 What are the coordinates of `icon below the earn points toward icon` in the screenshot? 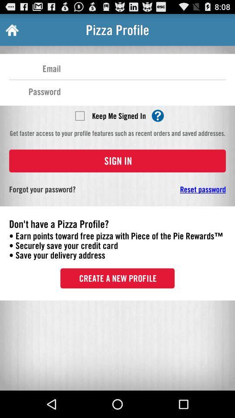 It's located at (117, 278).